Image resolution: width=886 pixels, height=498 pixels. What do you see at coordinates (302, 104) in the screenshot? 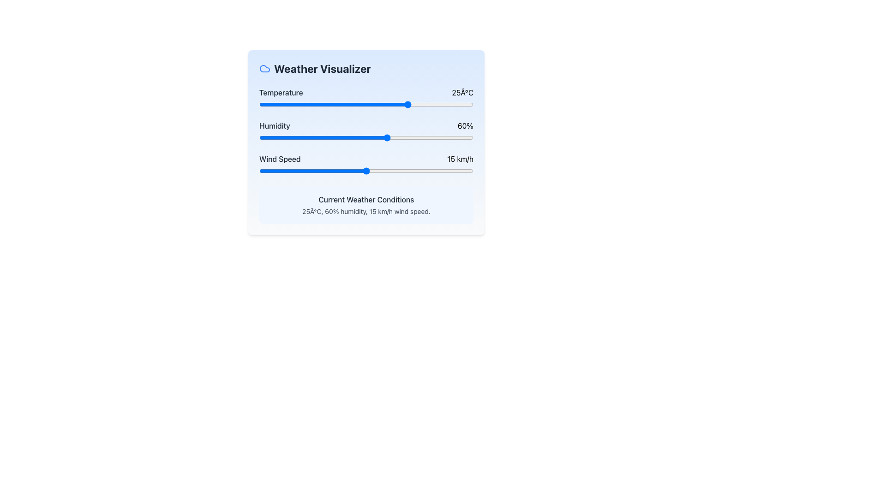
I see `the temperature slider` at bounding box center [302, 104].